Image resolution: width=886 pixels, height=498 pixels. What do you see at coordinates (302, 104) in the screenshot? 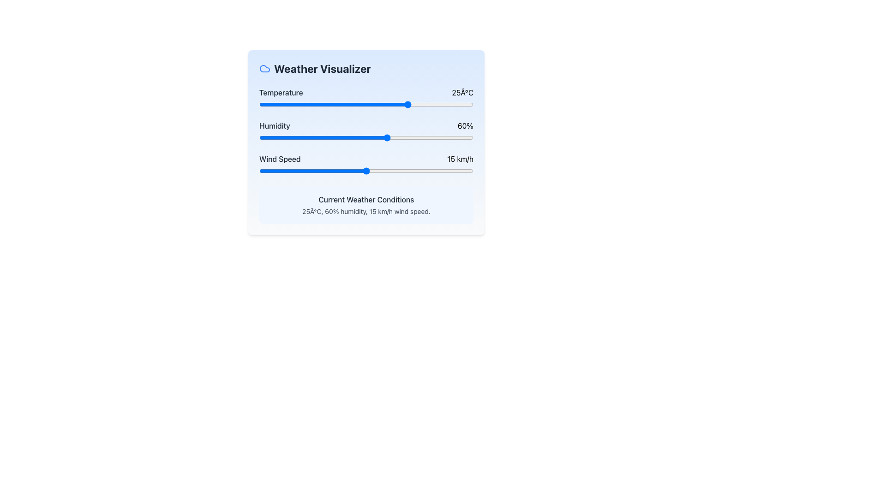
I see `the temperature slider` at bounding box center [302, 104].